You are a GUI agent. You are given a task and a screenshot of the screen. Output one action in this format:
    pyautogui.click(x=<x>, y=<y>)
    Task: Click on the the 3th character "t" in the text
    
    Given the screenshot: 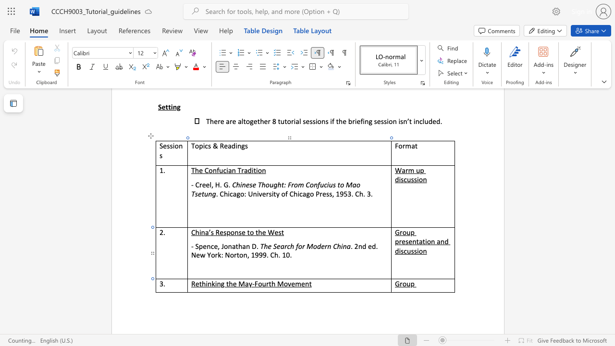 What is the action you would take?
    pyautogui.click(x=270, y=283)
    